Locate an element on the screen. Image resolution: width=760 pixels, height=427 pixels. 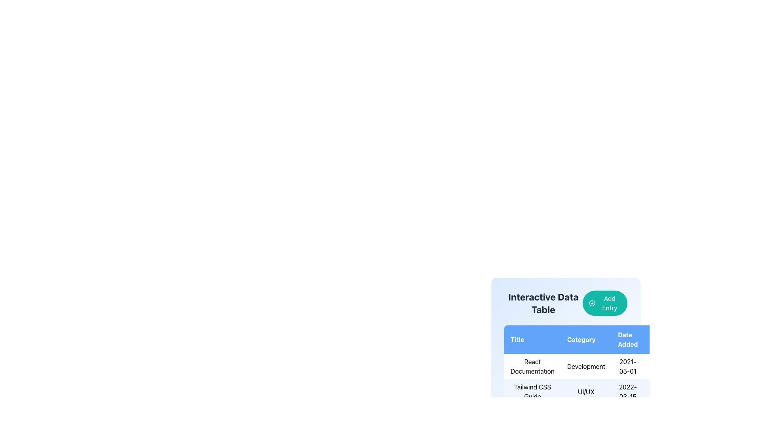
the text displaying the category value of the first row entry in the 'Category' column of the 'Interactive Data Table' is located at coordinates (592, 365).